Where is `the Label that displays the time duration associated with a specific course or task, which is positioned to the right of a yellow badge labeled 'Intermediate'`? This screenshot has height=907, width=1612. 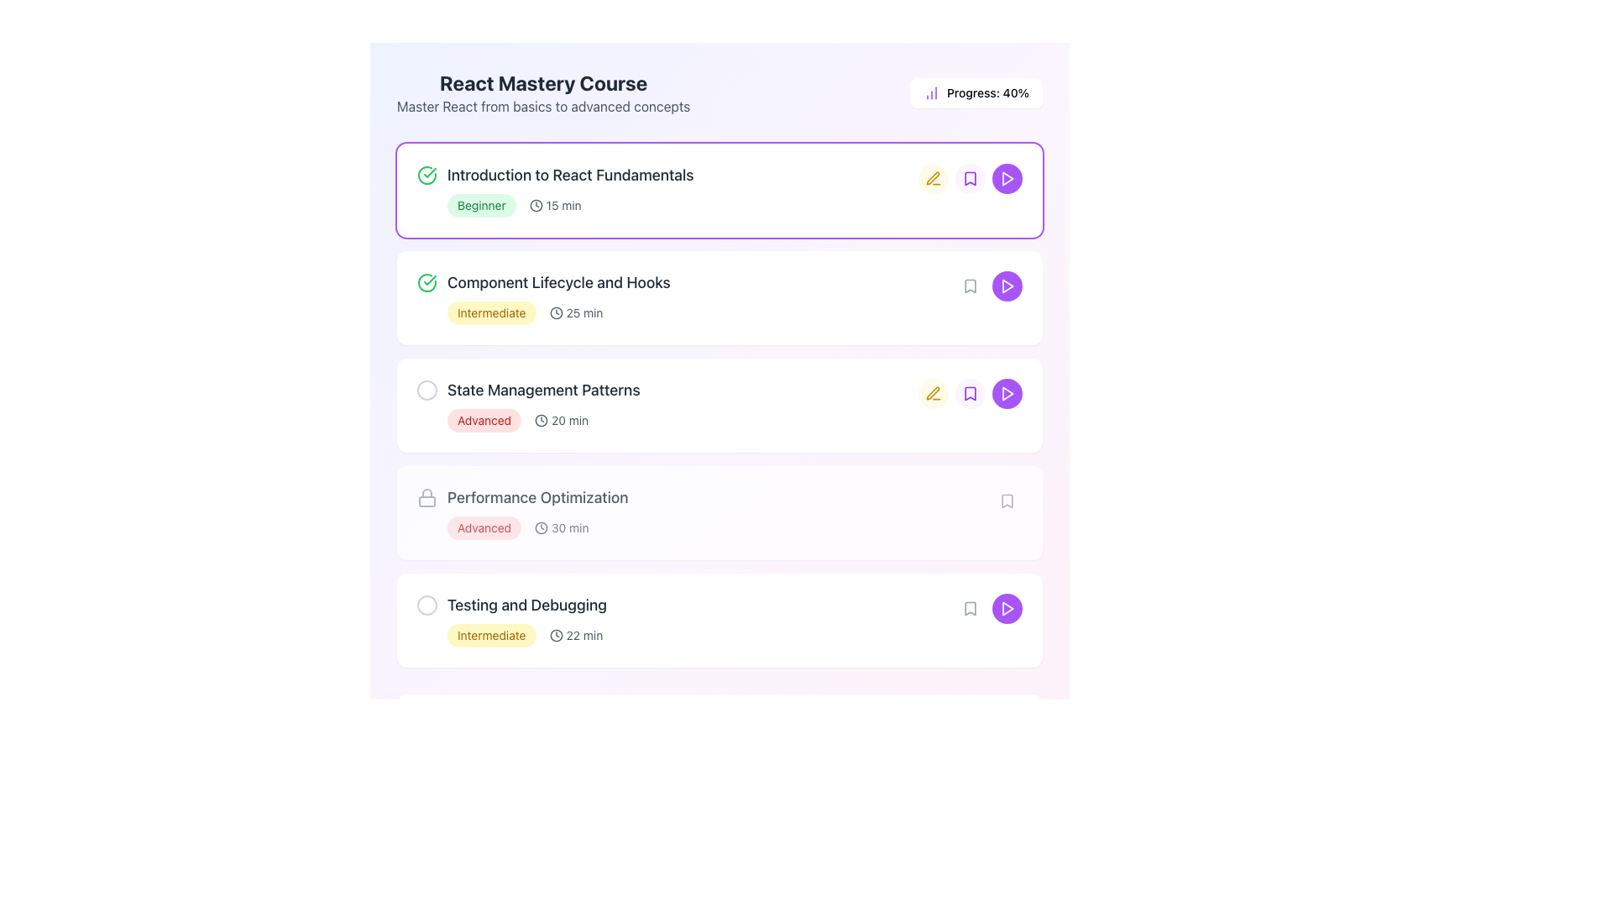 the Label that displays the time duration associated with a specific course or task, which is positioned to the right of a yellow badge labeled 'Intermediate' is located at coordinates (576, 313).